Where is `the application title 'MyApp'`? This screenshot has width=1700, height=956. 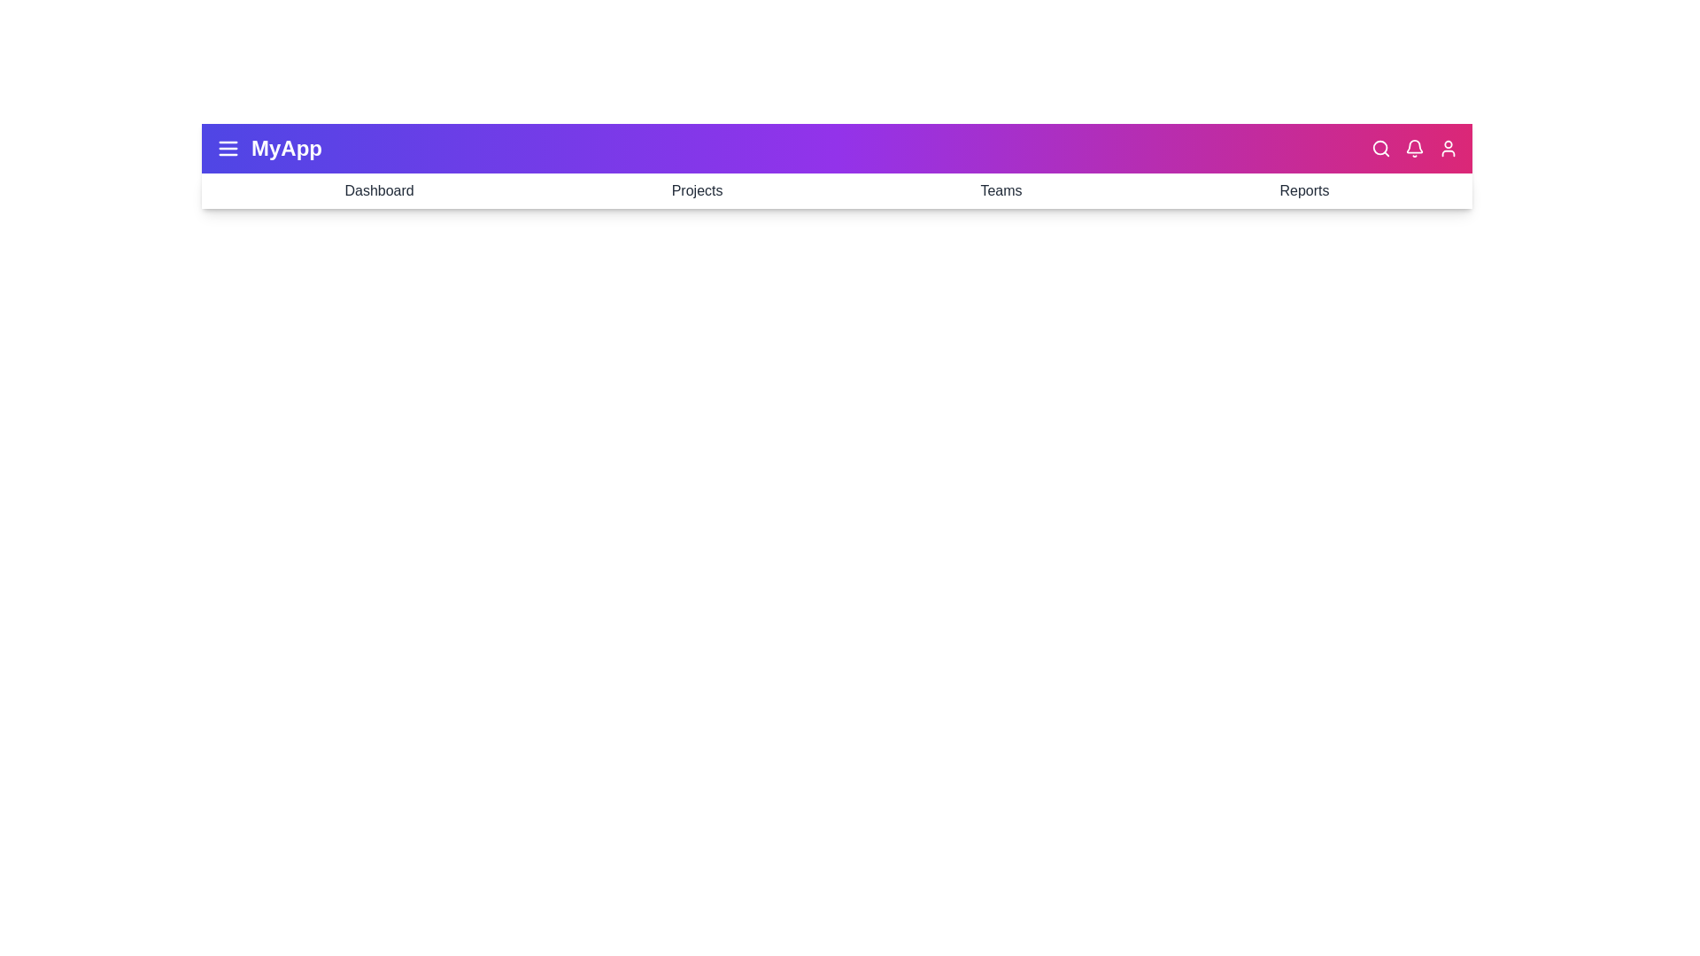
the application title 'MyApp' is located at coordinates (287, 148).